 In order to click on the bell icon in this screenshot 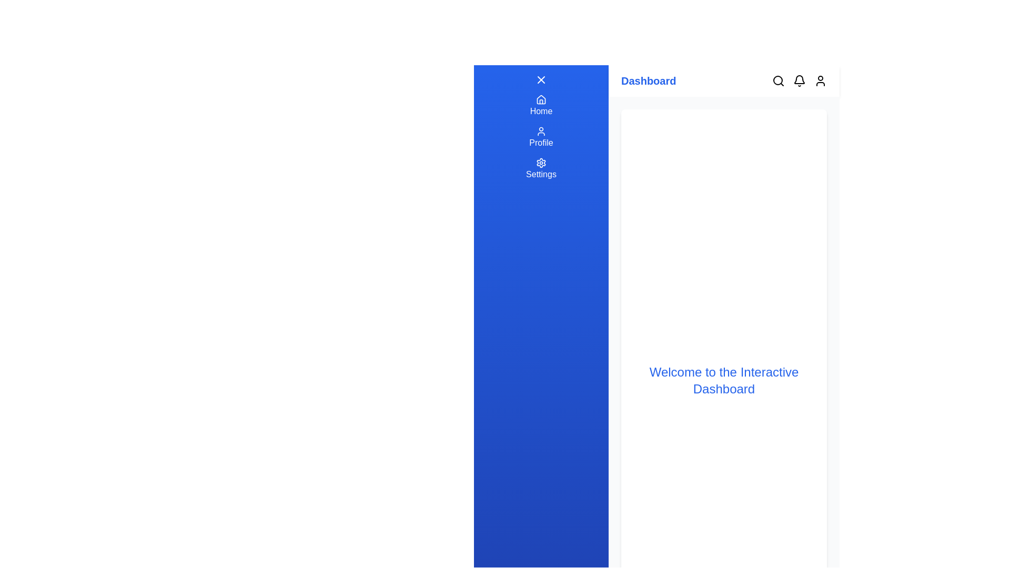, I will do `click(800, 78)`.